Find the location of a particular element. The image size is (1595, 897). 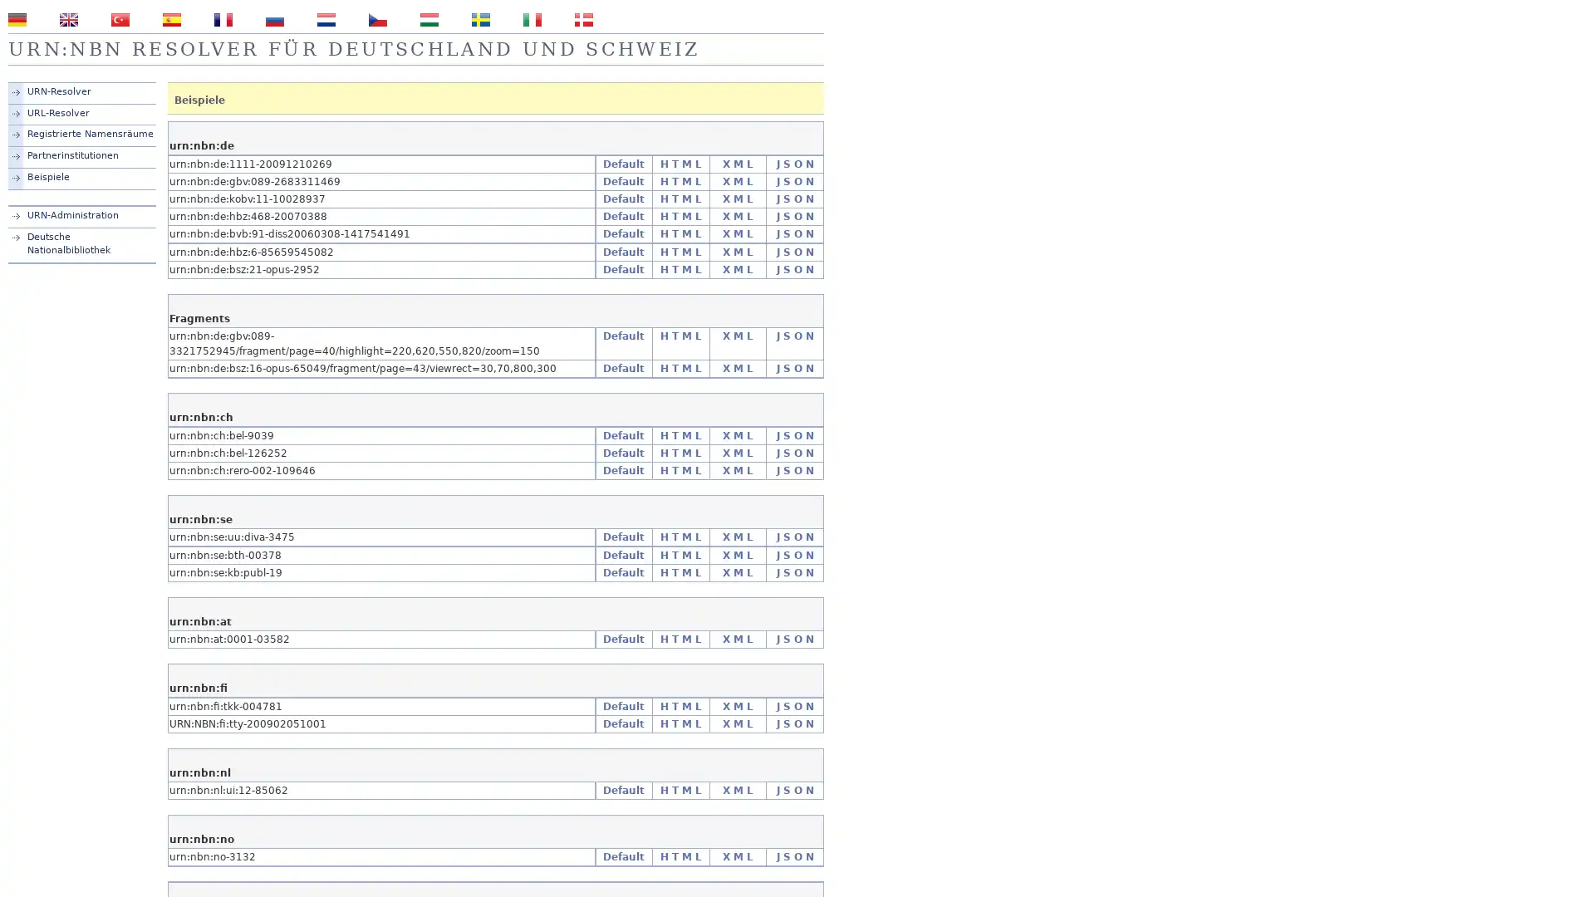

de is located at coordinates (17, 19).